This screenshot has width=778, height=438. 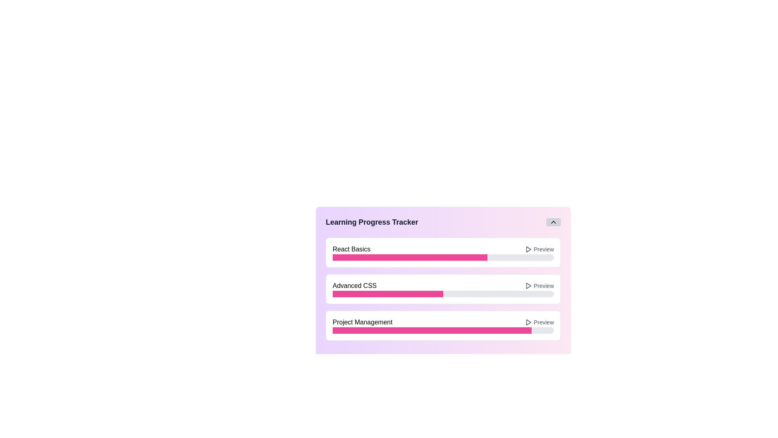 What do you see at coordinates (539, 286) in the screenshot?
I see `the button for previewing content related to the 'Advanced CSS' topic located in the 'Learning Progress Tracker' section` at bounding box center [539, 286].